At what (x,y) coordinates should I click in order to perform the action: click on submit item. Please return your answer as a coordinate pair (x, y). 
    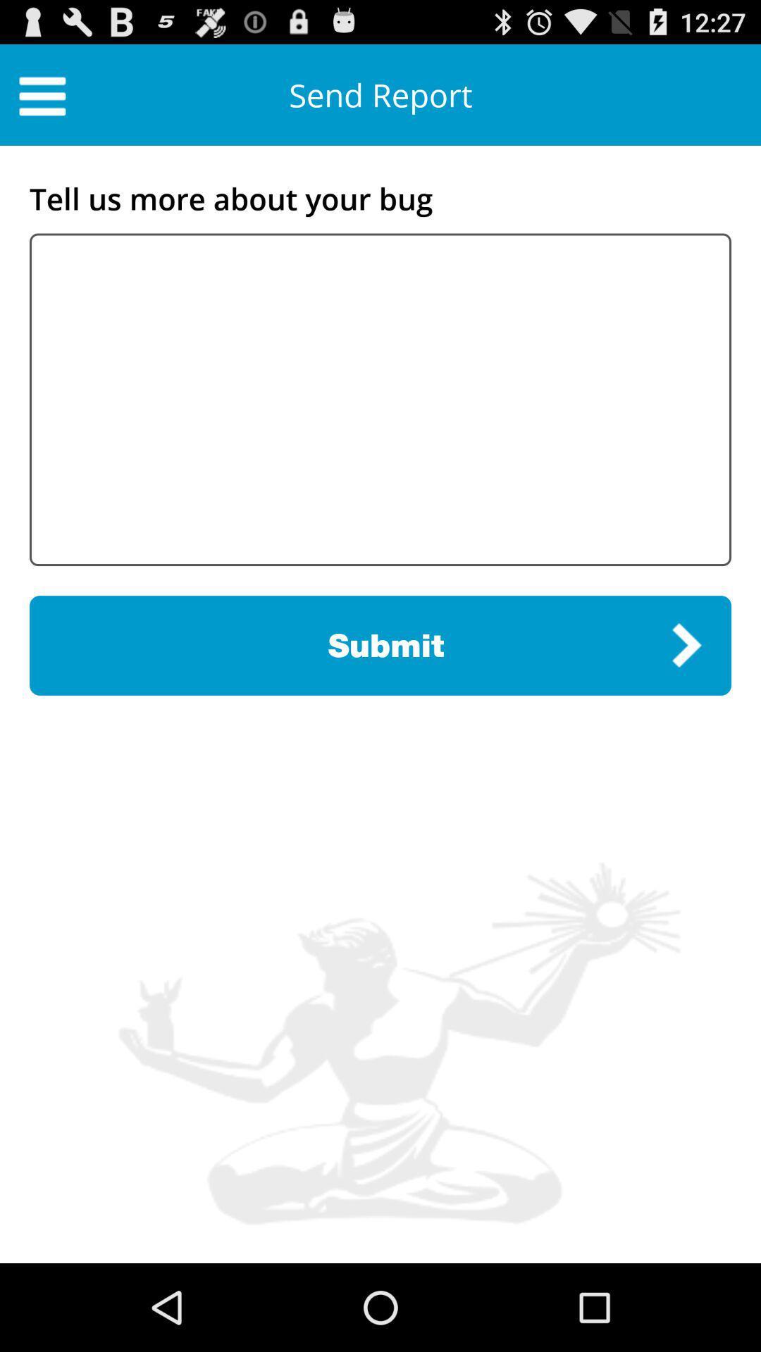
    Looking at the image, I should click on (380, 644).